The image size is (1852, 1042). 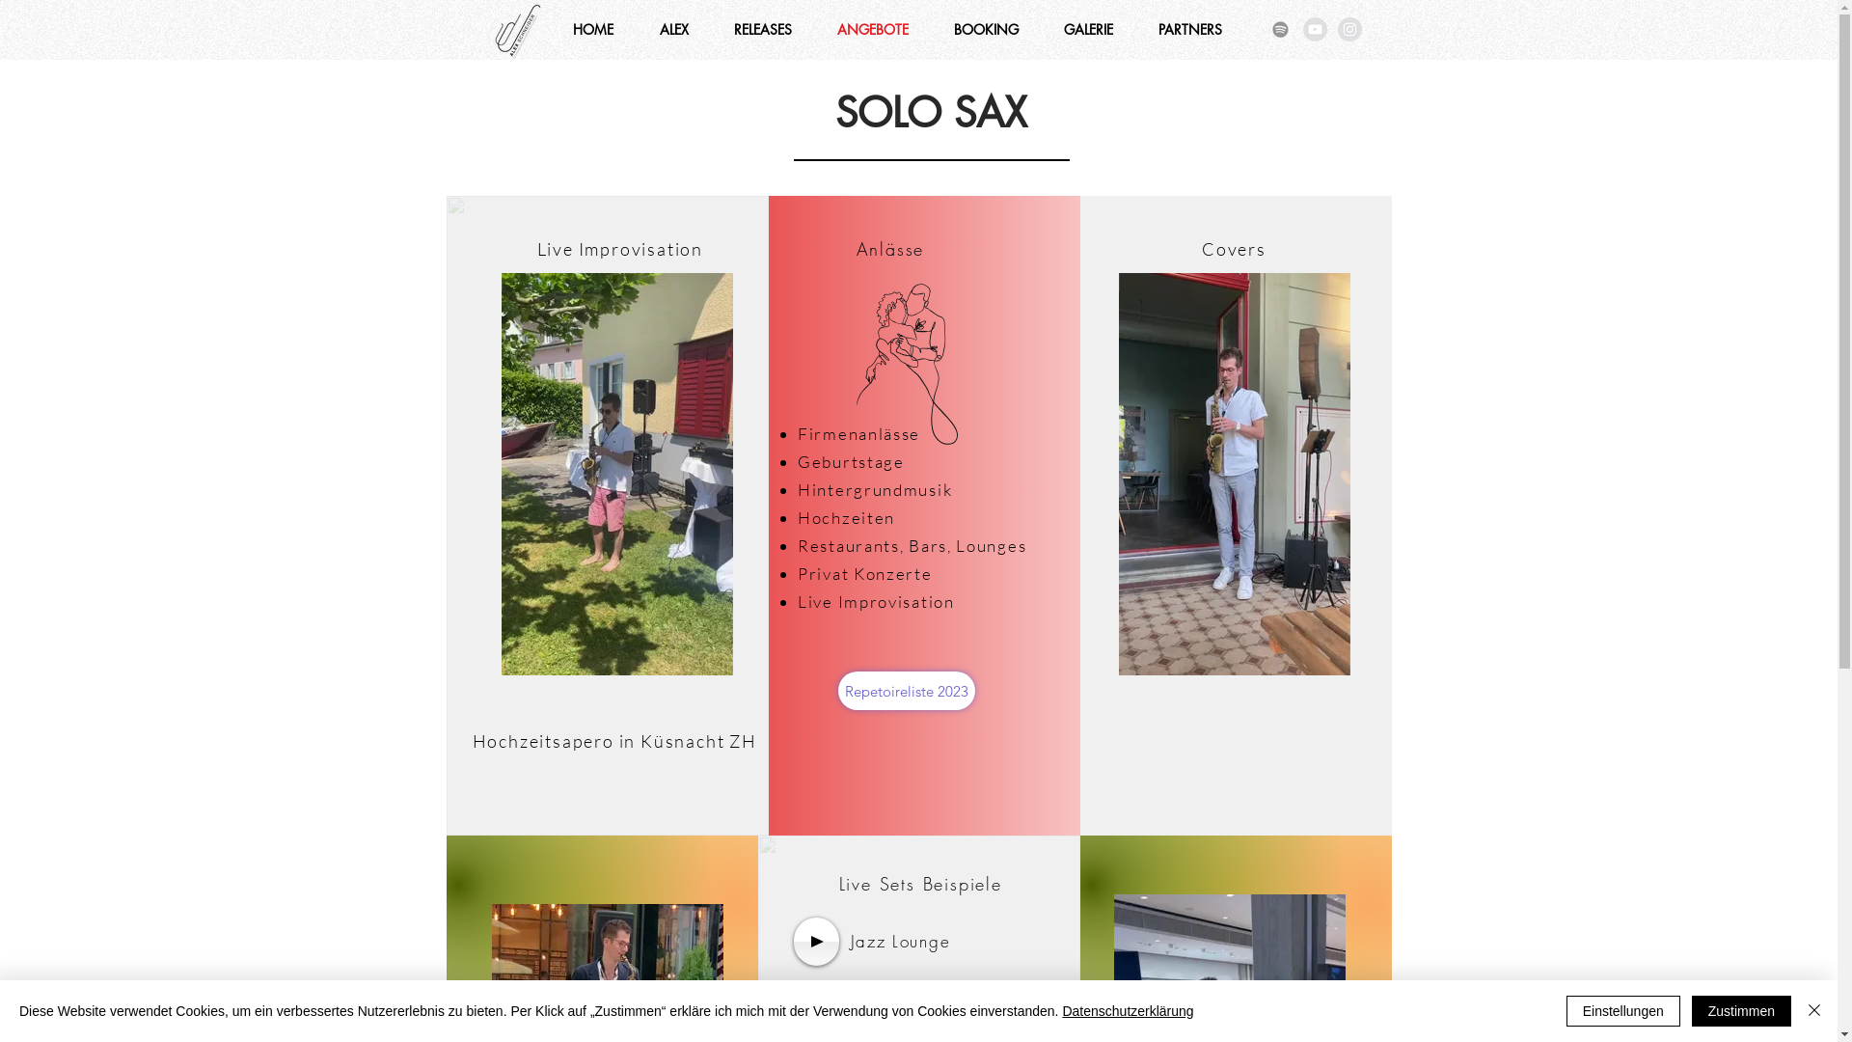 I want to click on 'BOOKING', so click(x=986, y=29).